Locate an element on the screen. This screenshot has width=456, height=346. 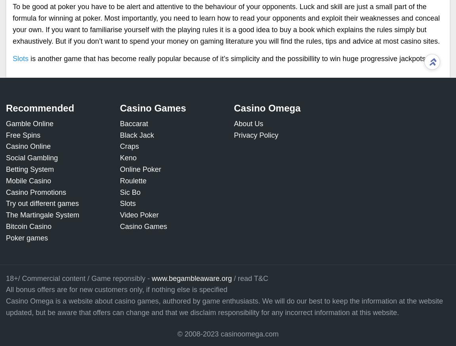
'Sic Bo' is located at coordinates (119, 191).